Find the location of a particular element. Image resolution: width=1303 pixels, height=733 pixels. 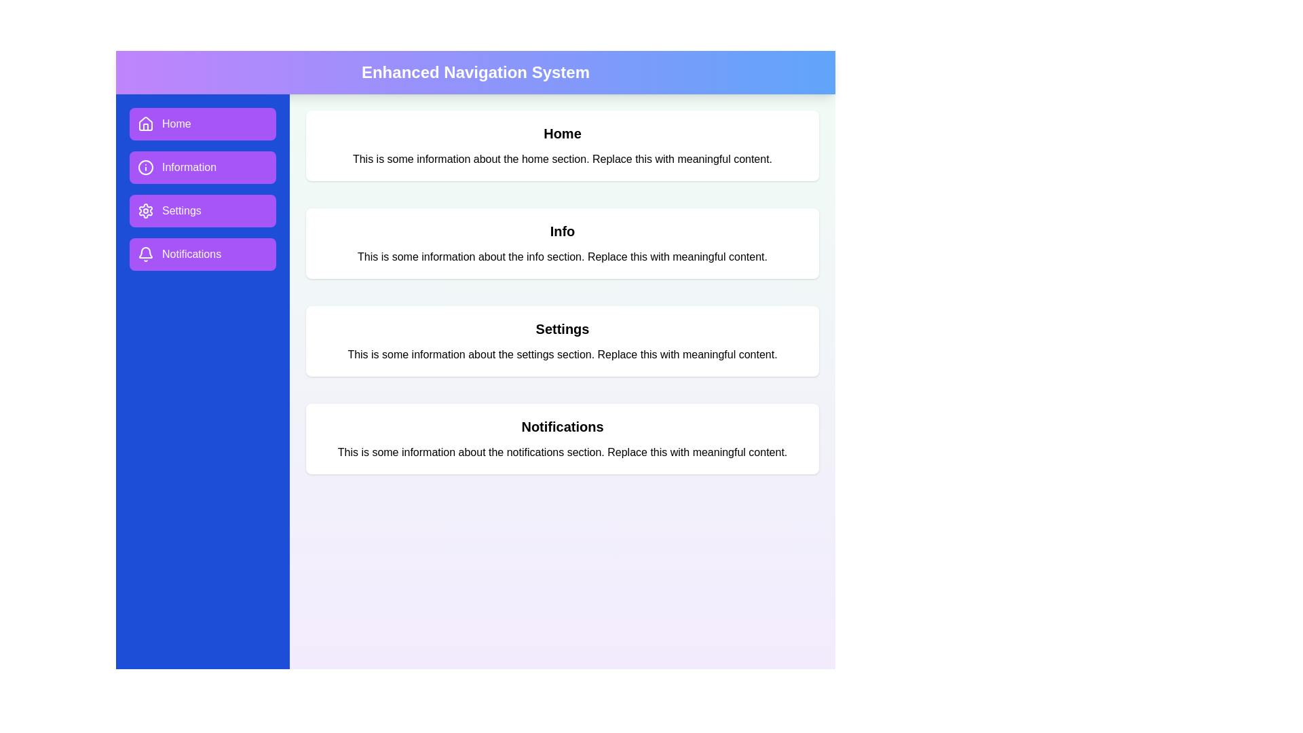

the 'Notifications' section header, which serves as the title for the content area below it is located at coordinates (563, 426).